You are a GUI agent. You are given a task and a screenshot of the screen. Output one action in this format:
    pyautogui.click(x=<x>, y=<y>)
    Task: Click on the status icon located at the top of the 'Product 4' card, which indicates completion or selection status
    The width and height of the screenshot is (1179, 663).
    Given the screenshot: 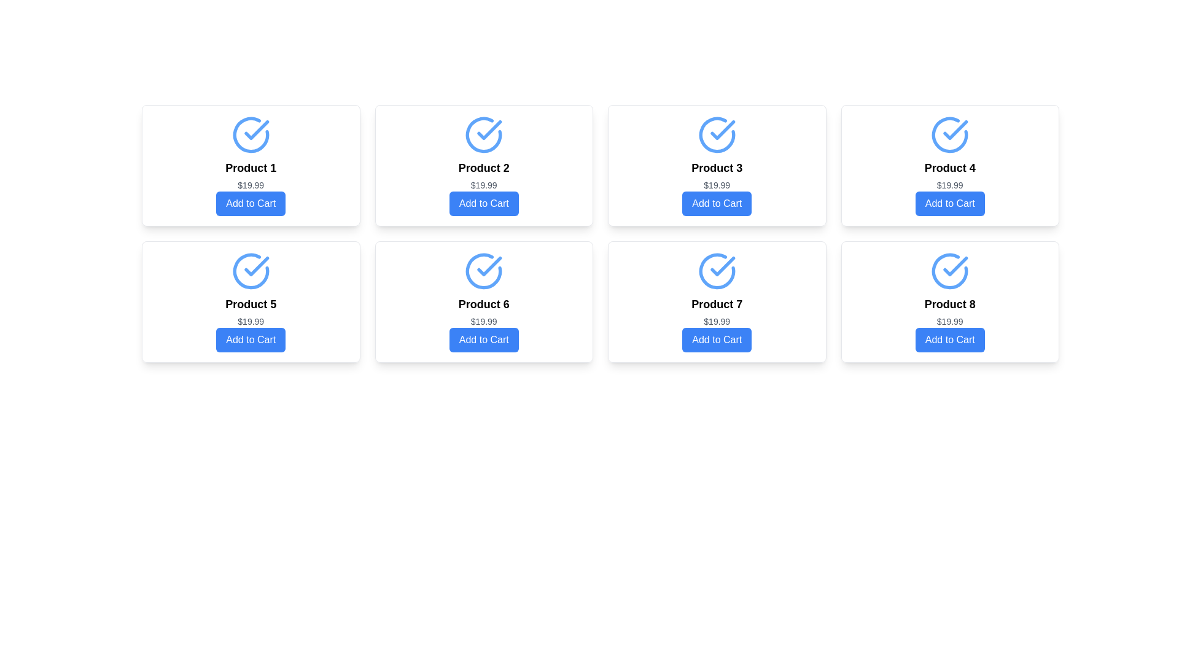 What is the action you would take?
    pyautogui.click(x=949, y=134)
    